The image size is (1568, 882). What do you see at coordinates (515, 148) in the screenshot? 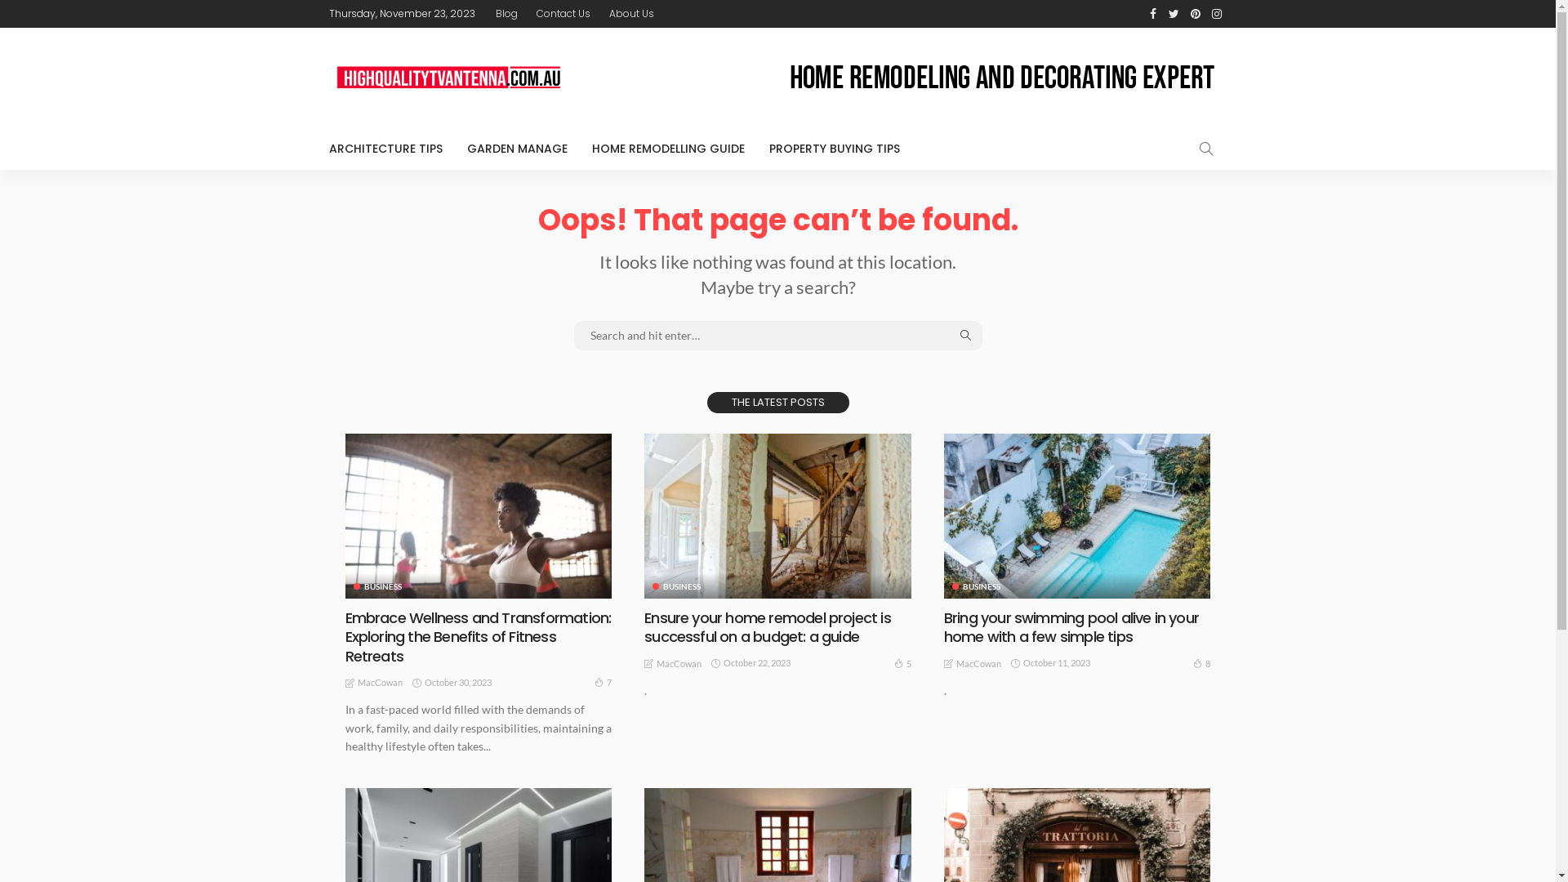
I see `'GARDEN MANAGE'` at bounding box center [515, 148].